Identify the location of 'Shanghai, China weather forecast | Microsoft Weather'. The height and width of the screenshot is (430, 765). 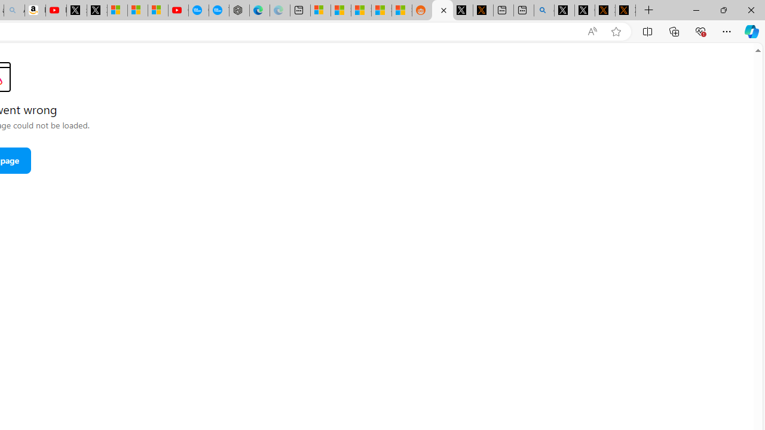
(340, 10).